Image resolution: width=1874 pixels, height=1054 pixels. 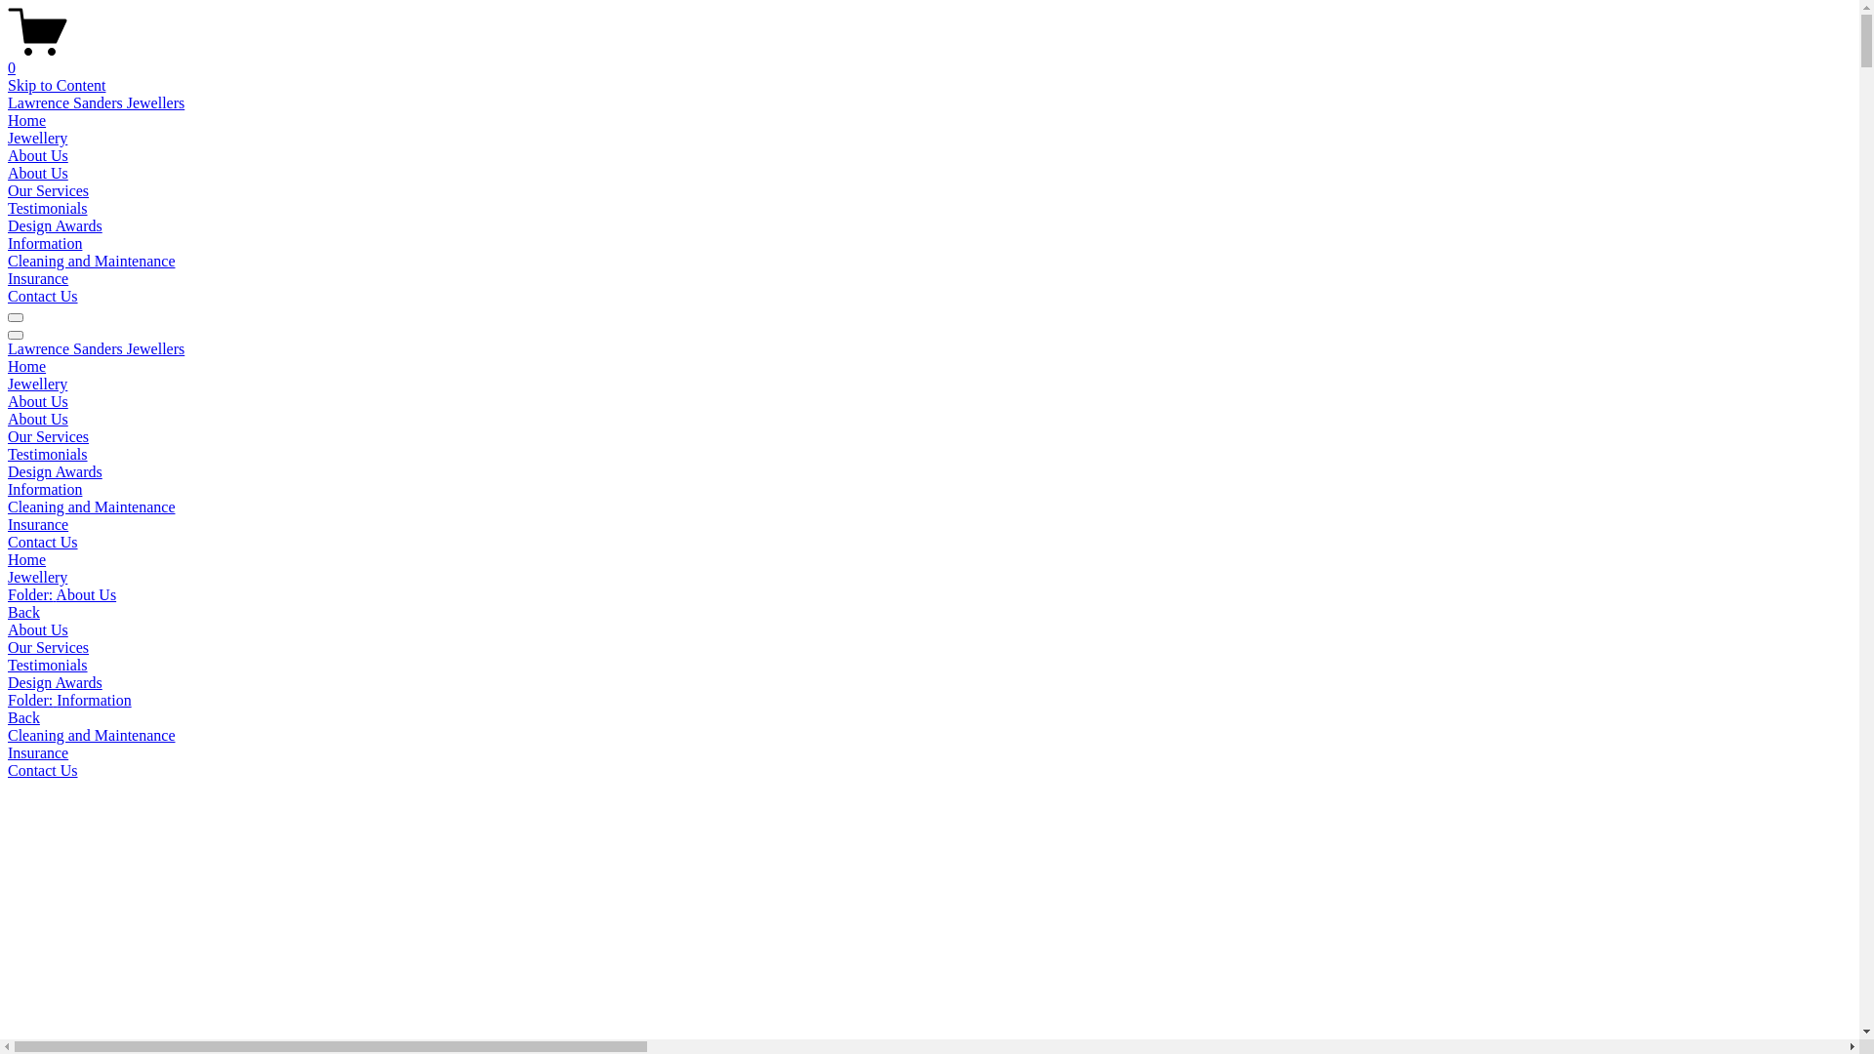 What do you see at coordinates (48, 435) in the screenshot?
I see `'Our Services'` at bounding box center [48, 435].